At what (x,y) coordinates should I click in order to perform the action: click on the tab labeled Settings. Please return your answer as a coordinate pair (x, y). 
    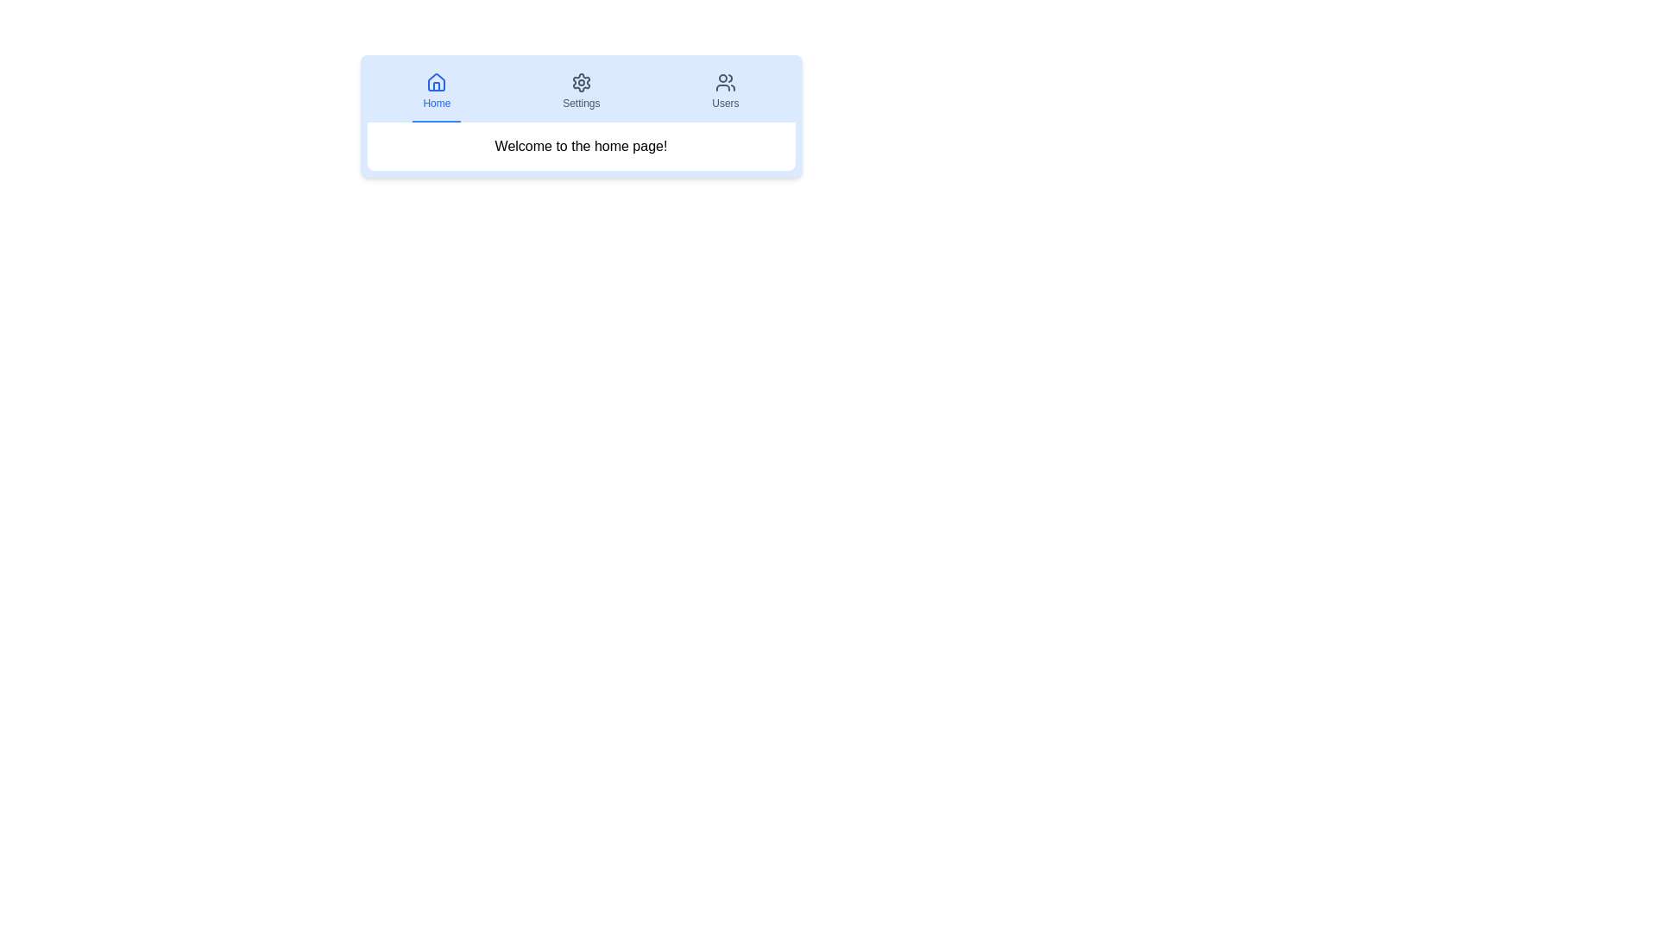
    Looking at the image, I should click on (581, 92).